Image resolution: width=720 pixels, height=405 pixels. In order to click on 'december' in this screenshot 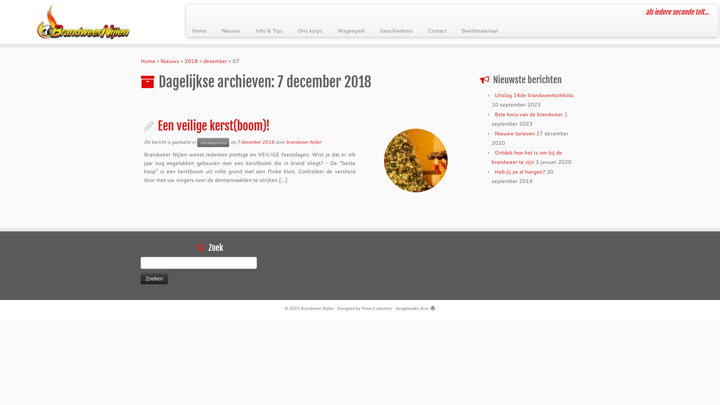, I will do `click(203, 60)`.